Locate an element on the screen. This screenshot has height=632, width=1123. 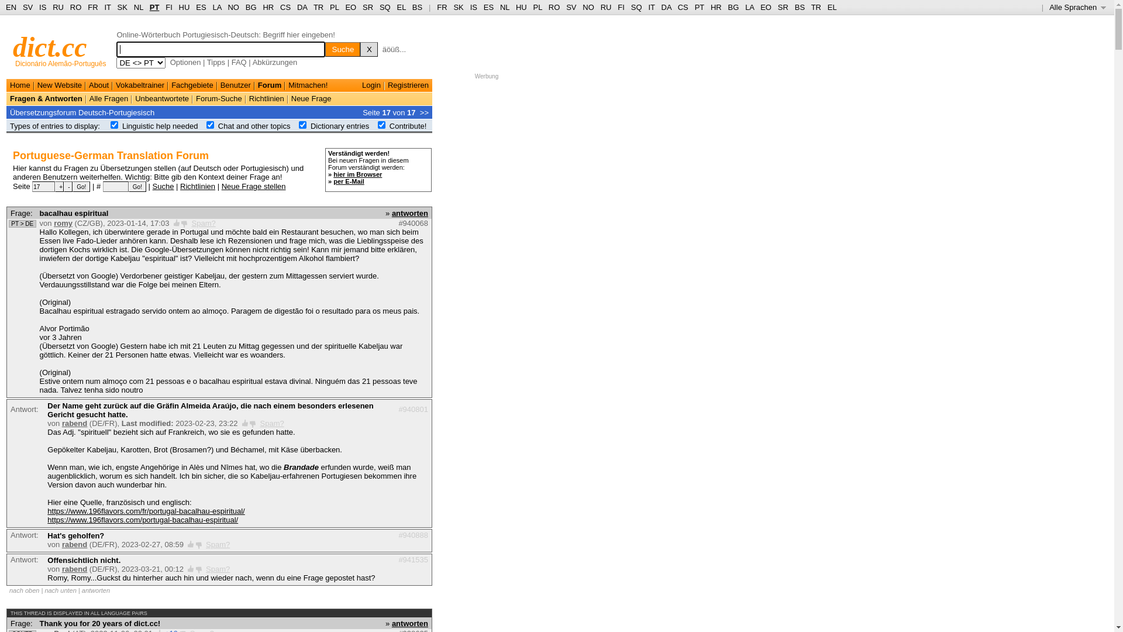
'RU' is located at coordinates (606, 7).